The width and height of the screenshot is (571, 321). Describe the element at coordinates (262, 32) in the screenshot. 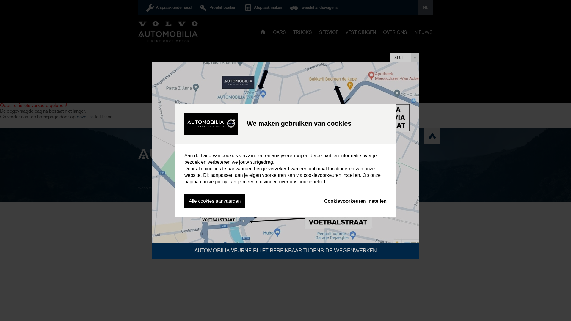

I see `'HOME'` at that location.